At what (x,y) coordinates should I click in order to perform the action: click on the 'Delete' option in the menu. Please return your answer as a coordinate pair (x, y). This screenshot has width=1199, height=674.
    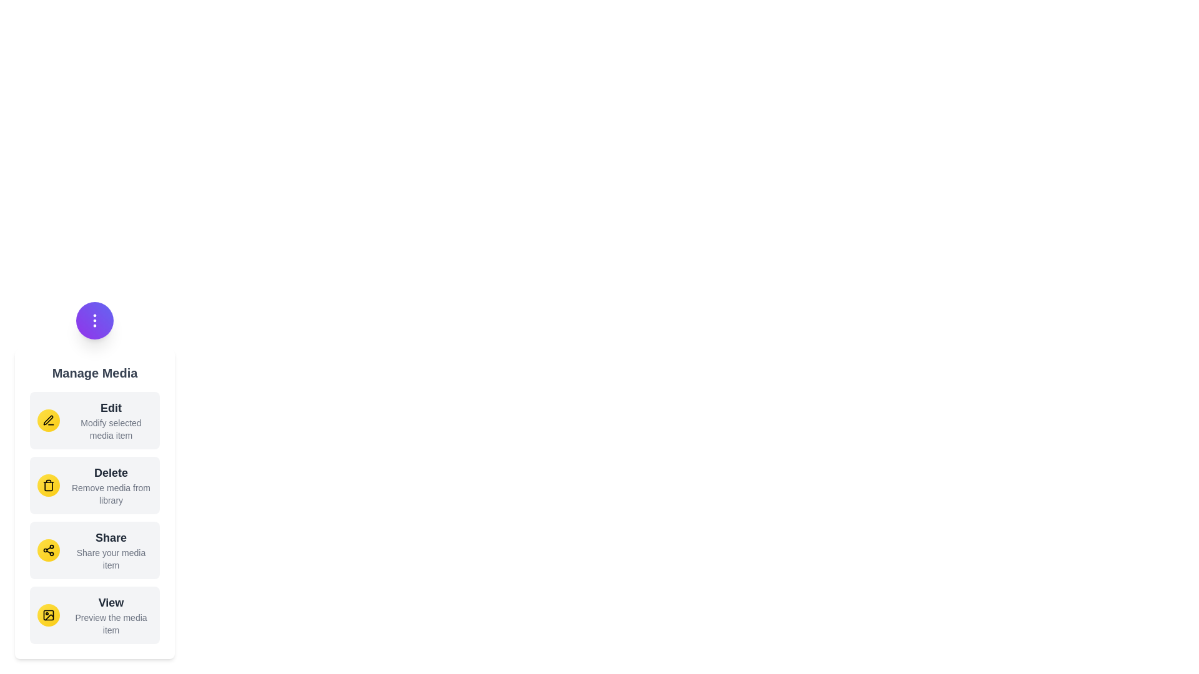
    Looking at the image, I should click on (94, 485).